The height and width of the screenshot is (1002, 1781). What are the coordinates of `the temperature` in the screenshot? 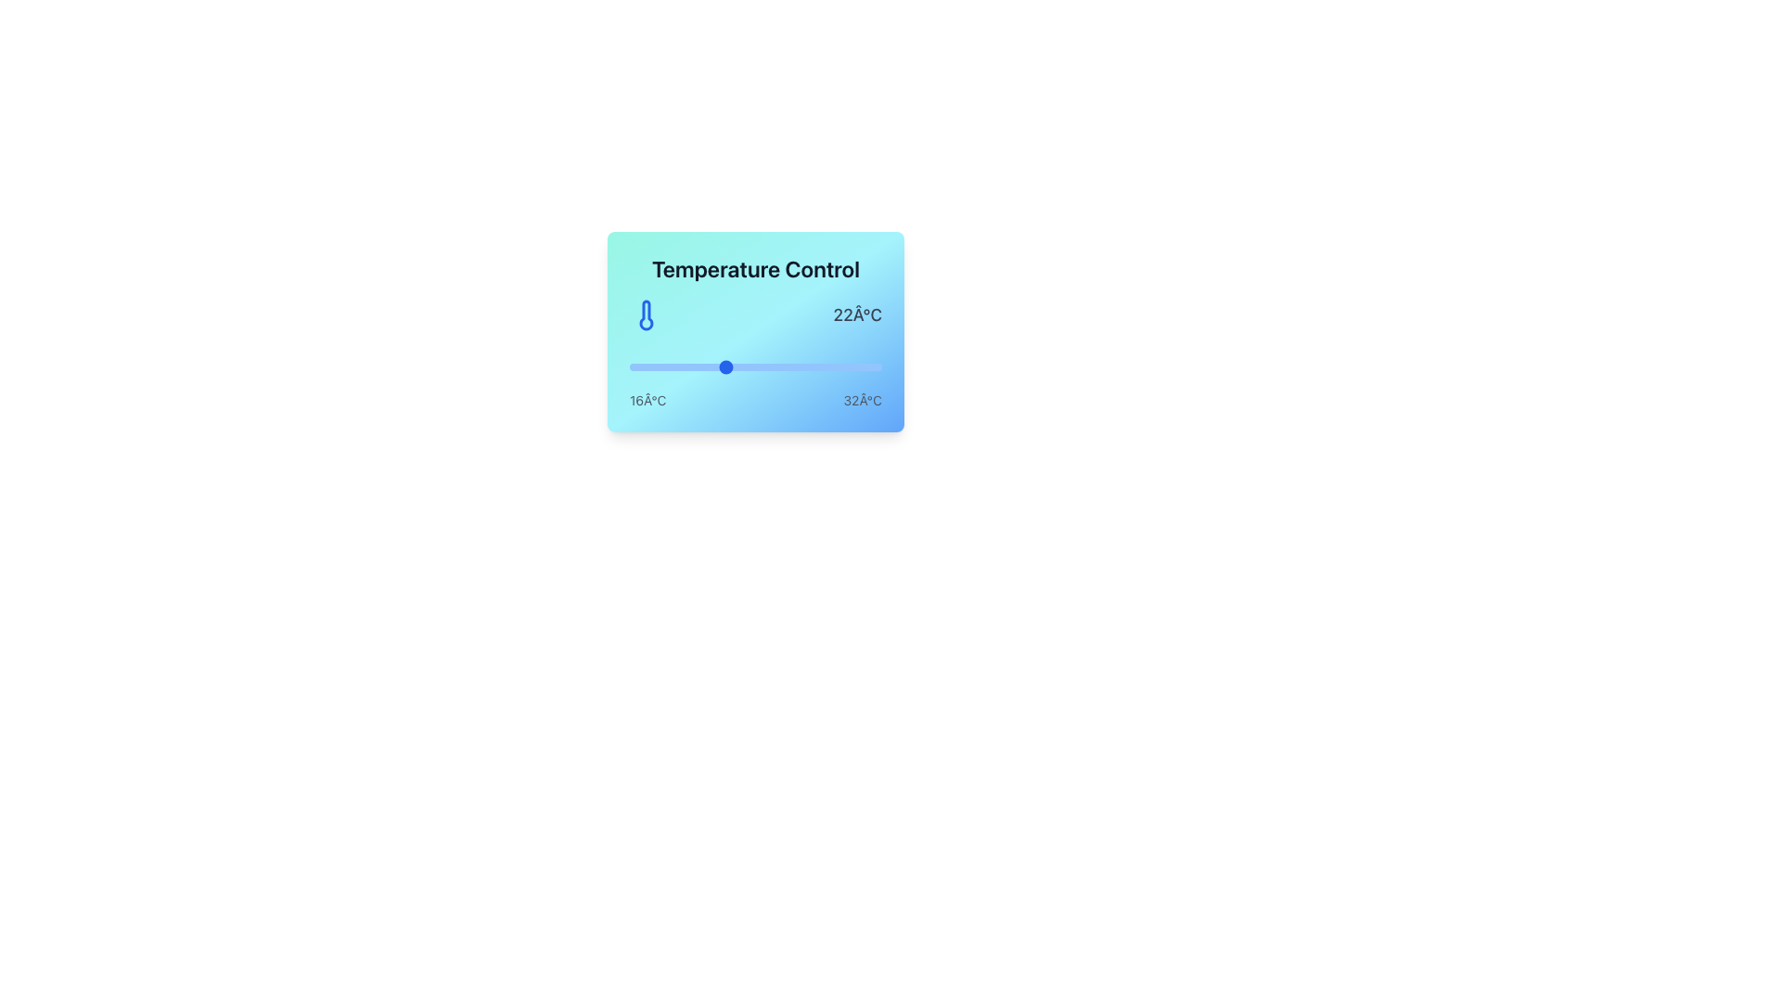 It's located at (771, 367).